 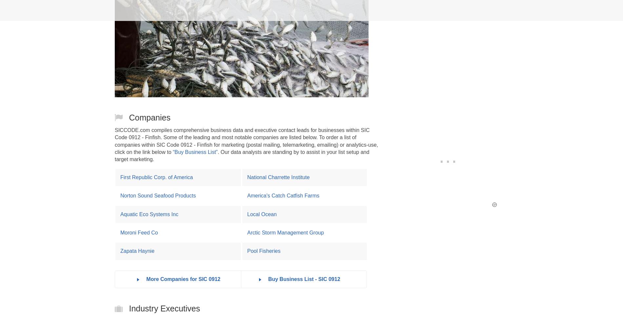 What do you see at coordinates (149, 214) in the screenshot?
I see `'Aquatic Eco Systems Inc'` at bounding box center [149, 214].